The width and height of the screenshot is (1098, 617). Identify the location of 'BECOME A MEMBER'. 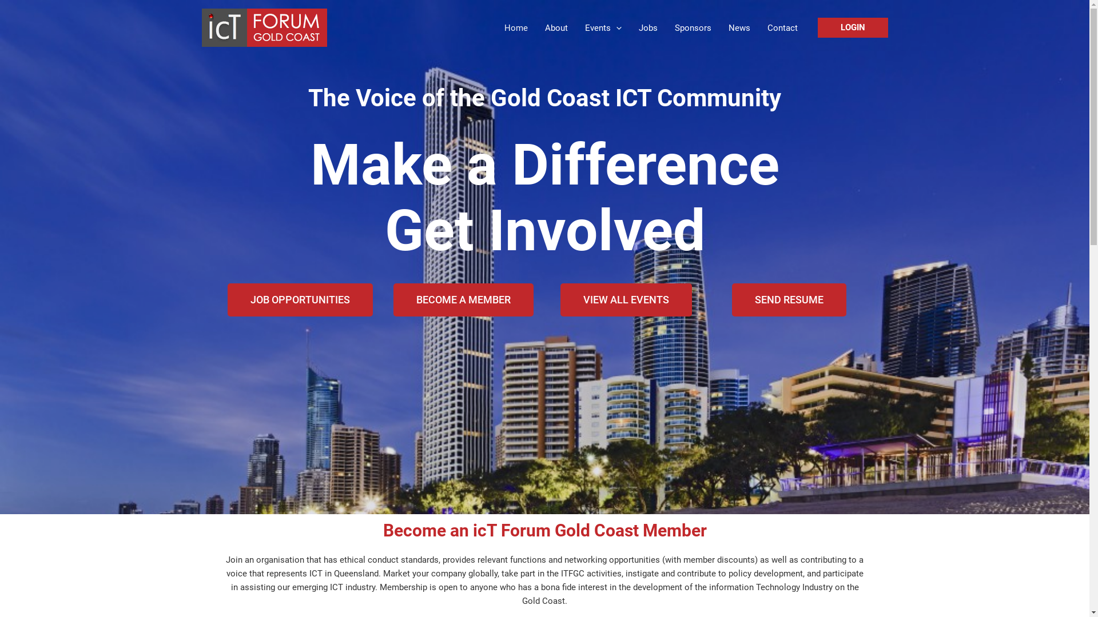
(463, 299).